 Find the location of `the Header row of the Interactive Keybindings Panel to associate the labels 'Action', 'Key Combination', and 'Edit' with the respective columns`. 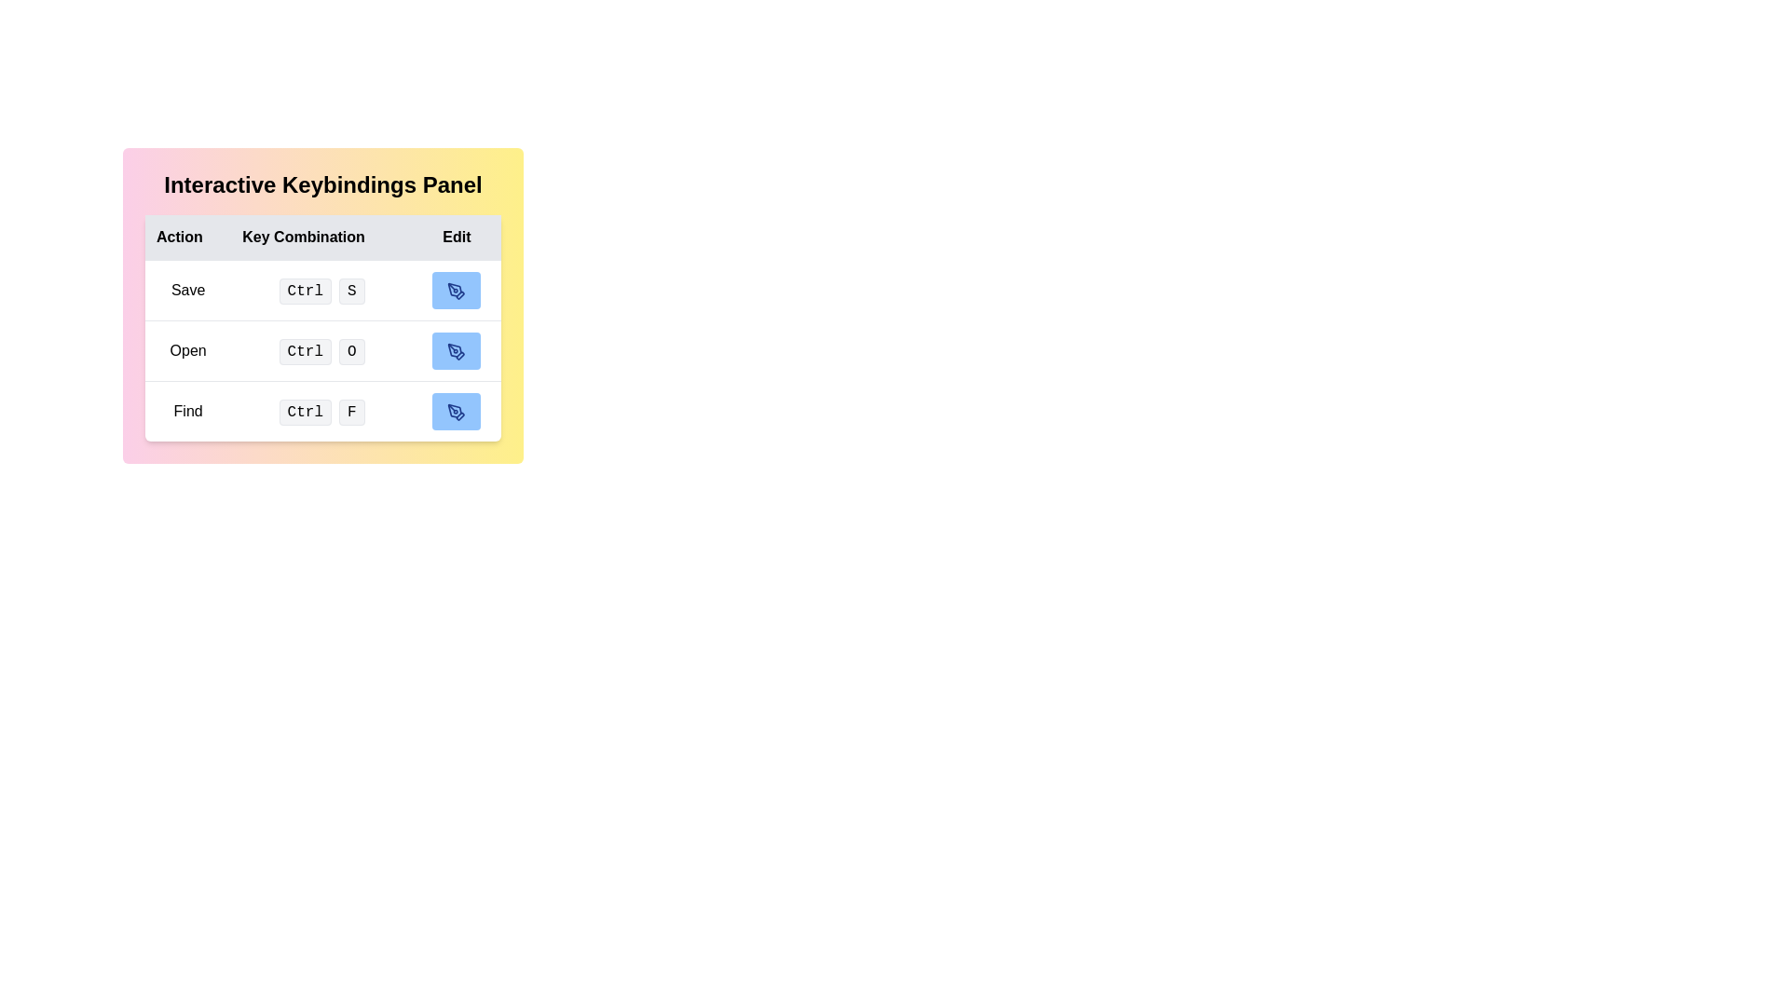

the Header row of the Interactive Keybindings Panel to associate the labels 'Action', 'Key Combination', and 'Edit' with the respective columns is located at coordinates (322, 236).